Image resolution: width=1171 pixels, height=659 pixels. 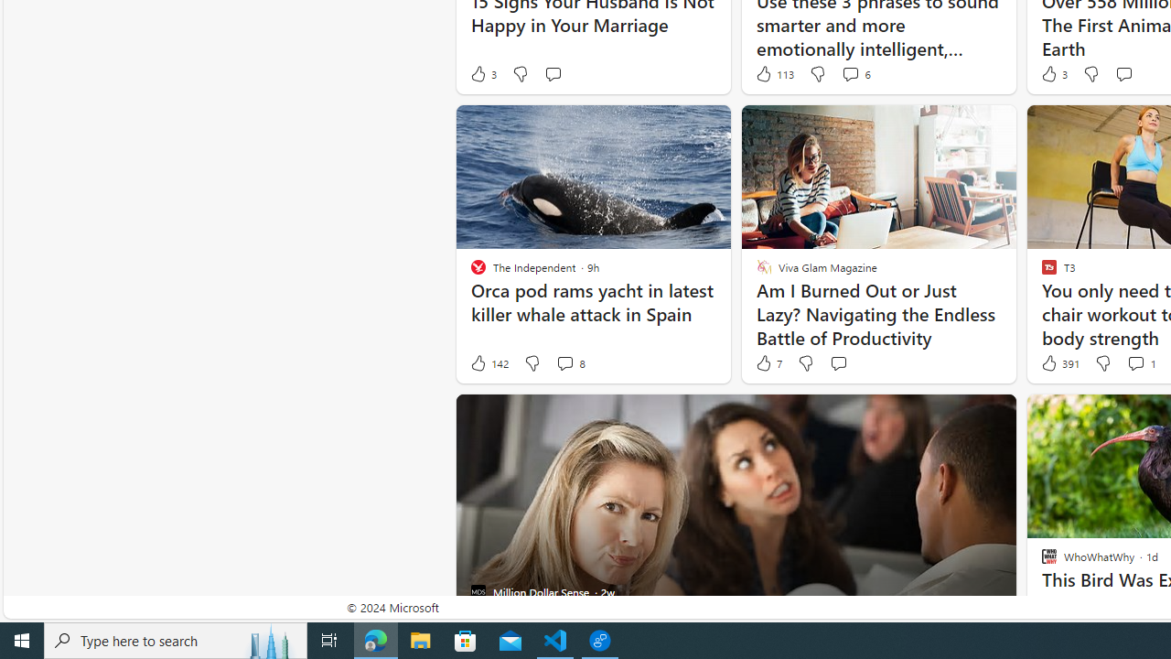 What do you see at coordinates (774, 73) in the screenshot?
I see `'113 Like'` at bounding box center [774, 73].